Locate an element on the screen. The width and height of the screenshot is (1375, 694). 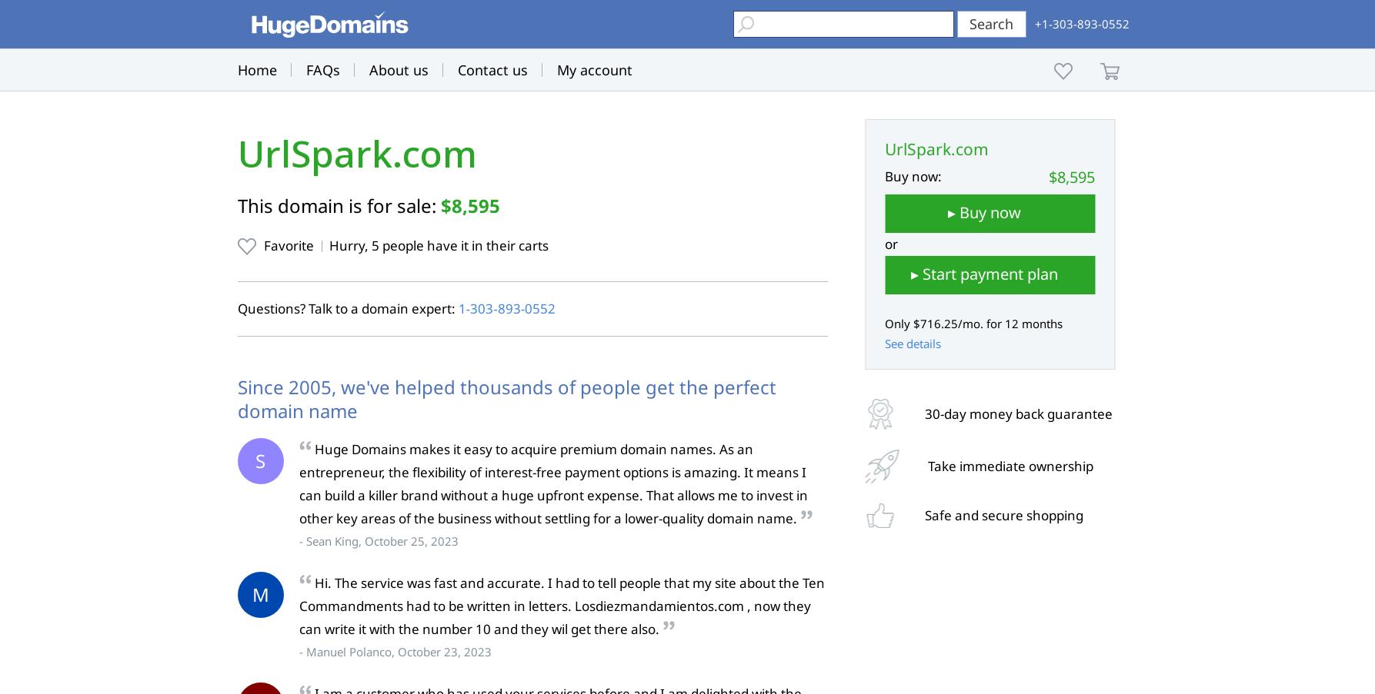
'Hurry, 5 people have it in their carts' is located at coordinates (437, 244).